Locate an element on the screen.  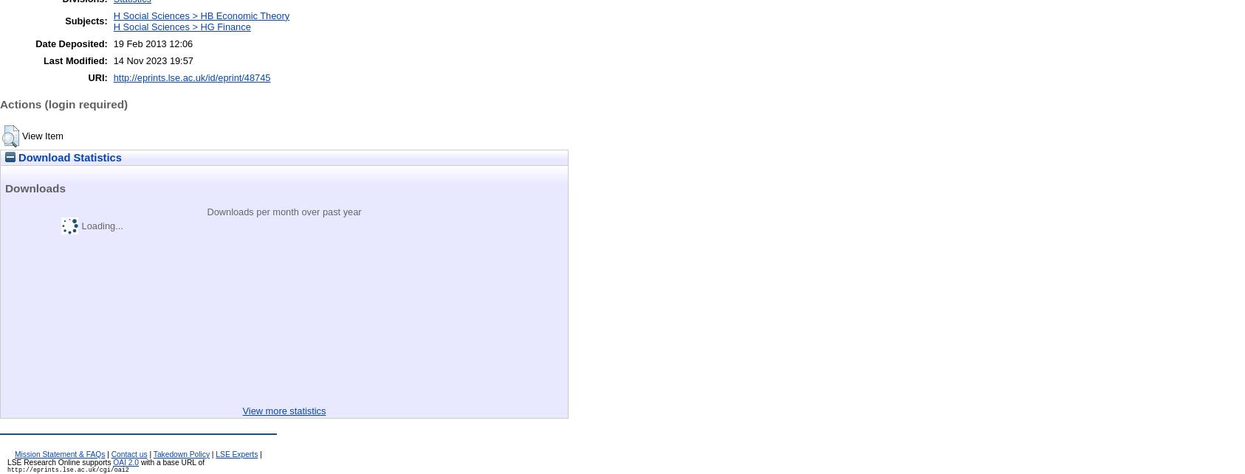
'LSE Experts' is located at coordinates (236, 453).